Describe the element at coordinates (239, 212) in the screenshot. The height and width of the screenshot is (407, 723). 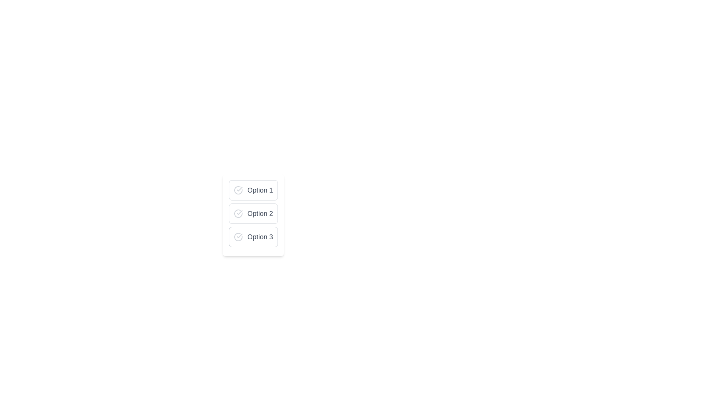
I see `the state indicator icon for the second option in a vertically ordered list, located to the left of the text 'Option 2'` at that location.